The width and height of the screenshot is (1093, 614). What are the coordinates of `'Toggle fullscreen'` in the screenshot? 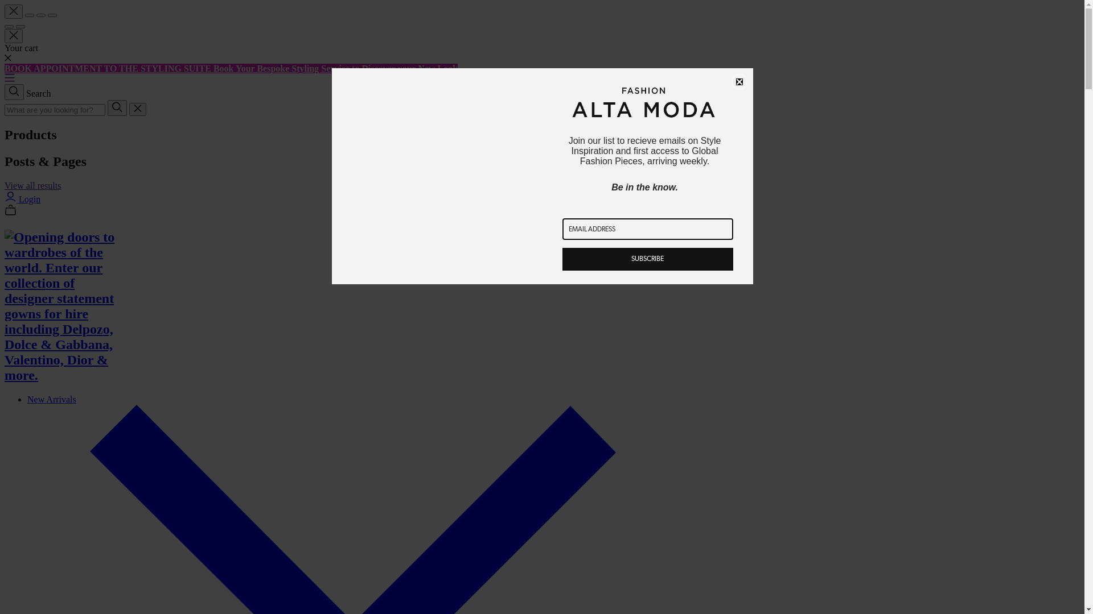 It's located at (41, 15).